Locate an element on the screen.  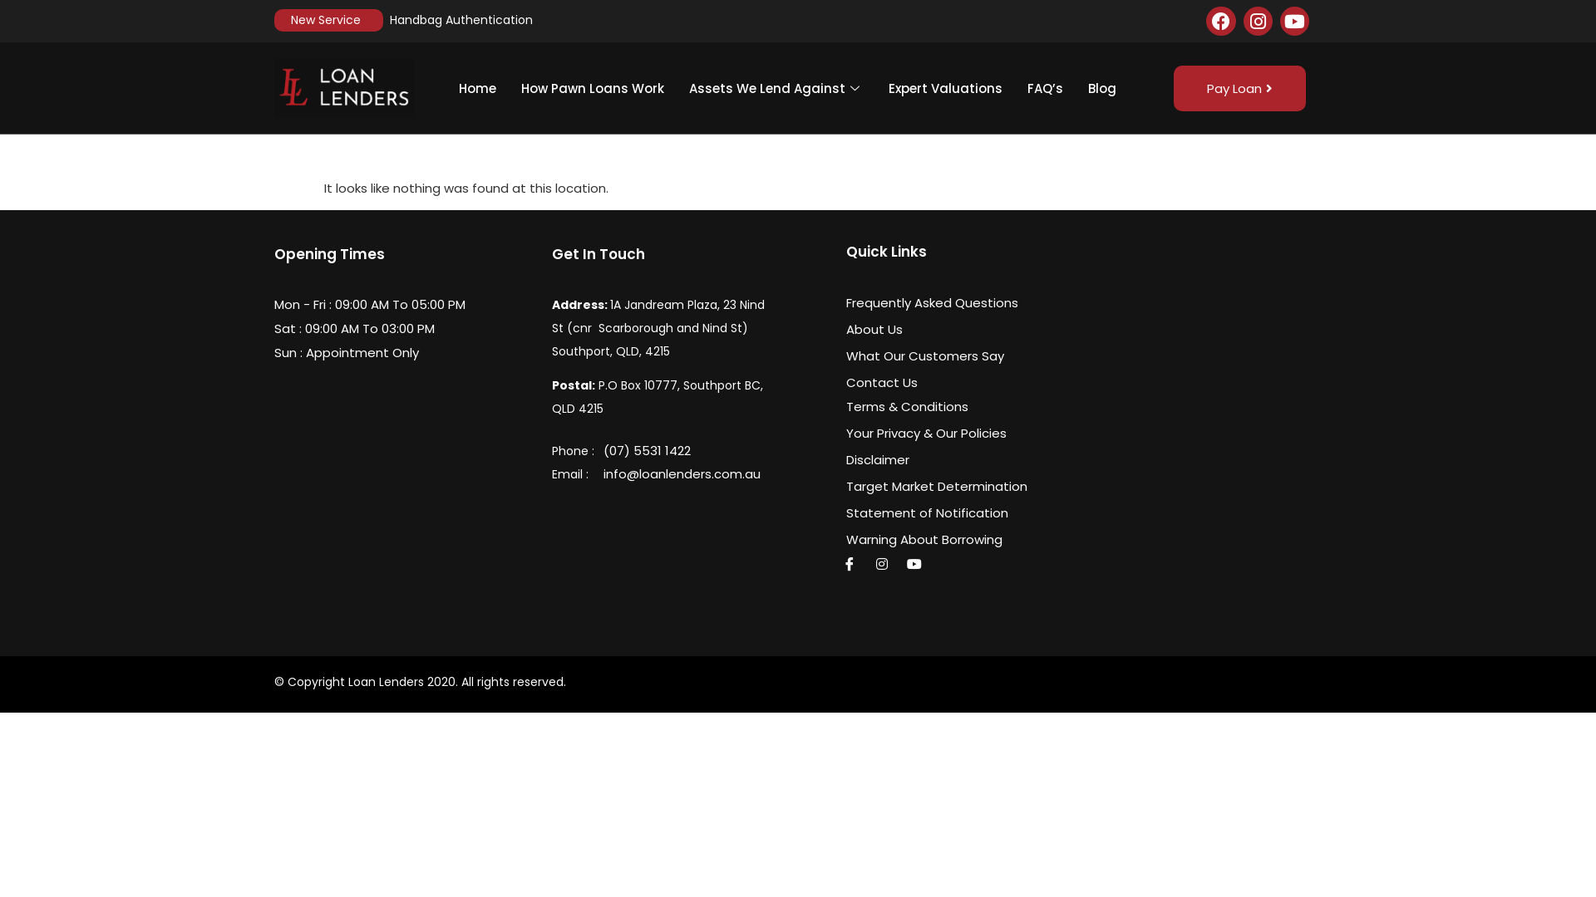
'info@loanlenders.com.au' is located at coordinates (721, 473).